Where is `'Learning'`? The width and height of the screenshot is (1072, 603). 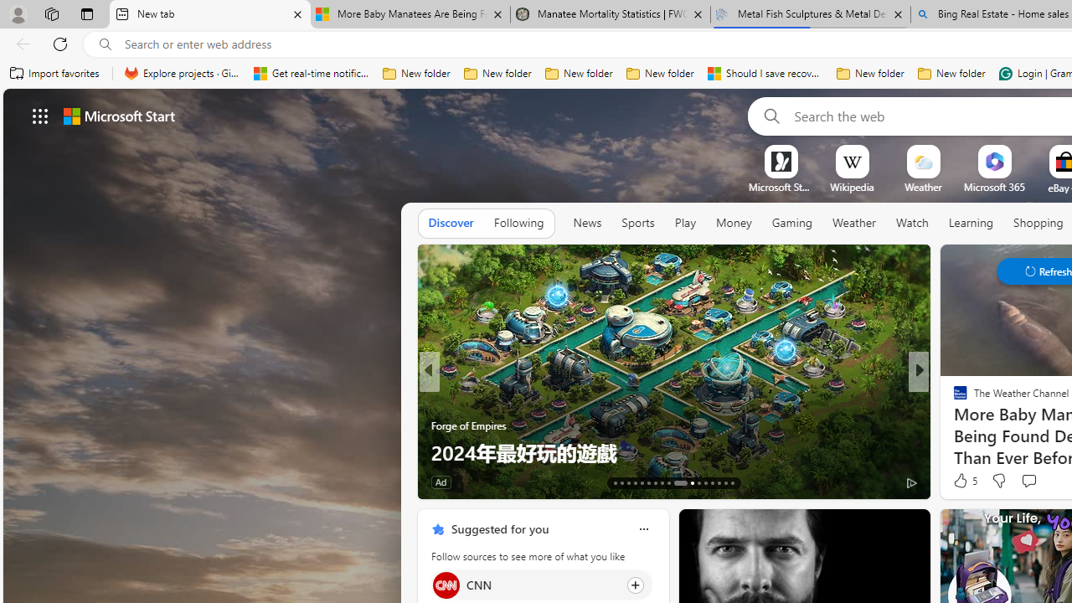
'Learning' is located at coordinates (971, 223).